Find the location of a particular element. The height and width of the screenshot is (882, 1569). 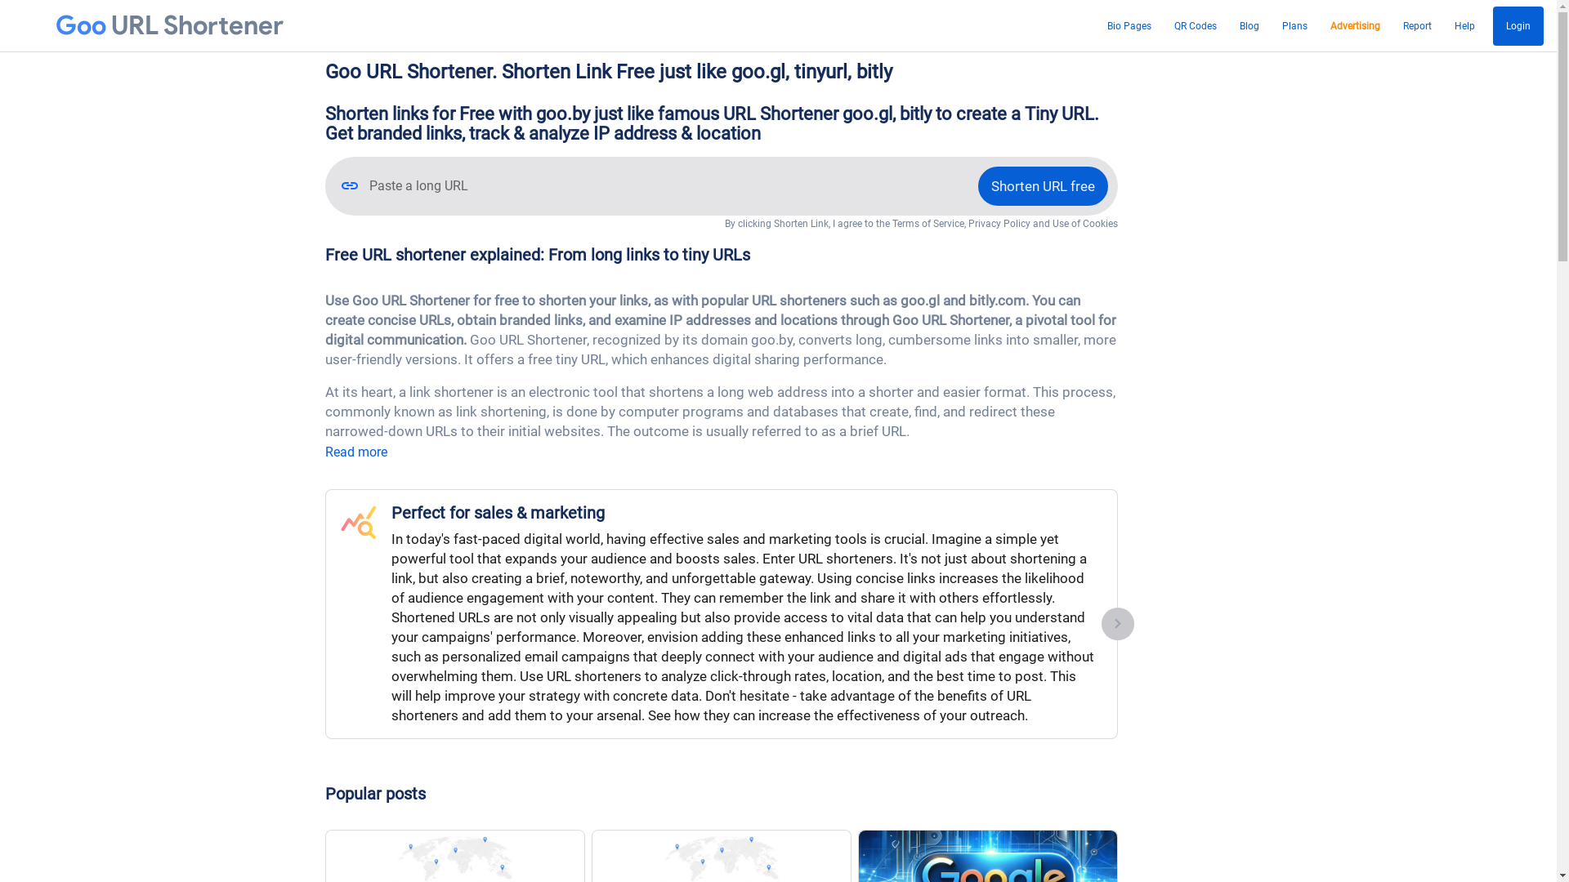

'Advertising' is located at coordinates (1325, 25).